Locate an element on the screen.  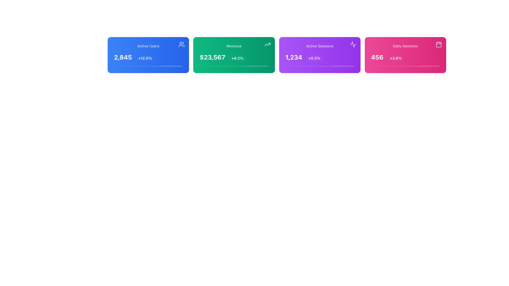
the percentage growth value '+8.2%' styled in a small, bolded font within the rounded rectangle at the bottom-right corner of the 'Revenue' card is located at coordinates (234, 55).